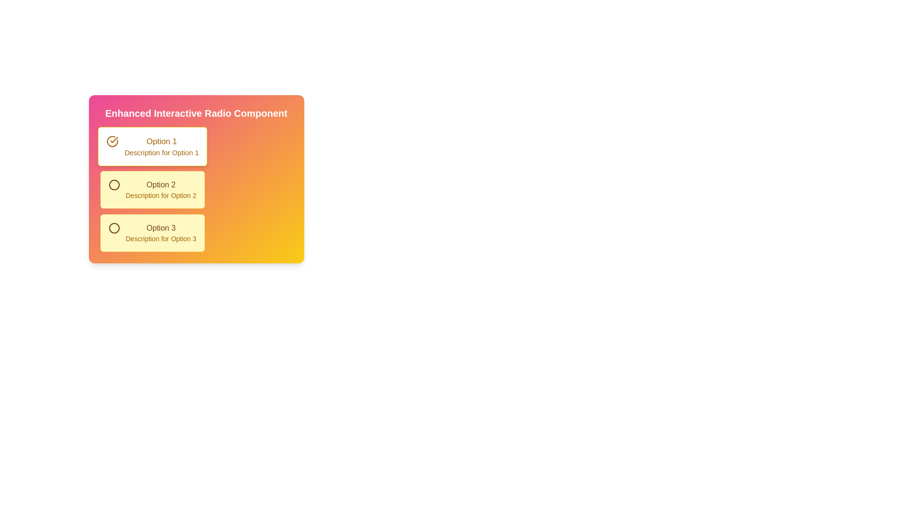  Describe the element at coordinates (112, 141) in the screenshot. I see `the icon indicator marking 'Option 1' as selected or active, located at the leftmost side of the first option in the list` at that location.